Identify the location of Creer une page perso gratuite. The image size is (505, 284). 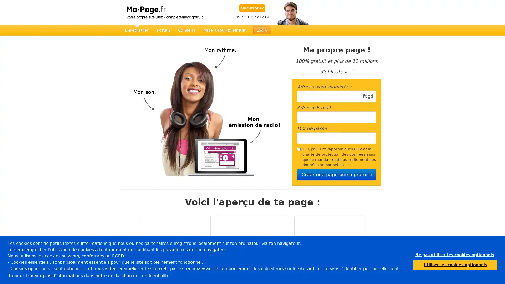
(337, 174).